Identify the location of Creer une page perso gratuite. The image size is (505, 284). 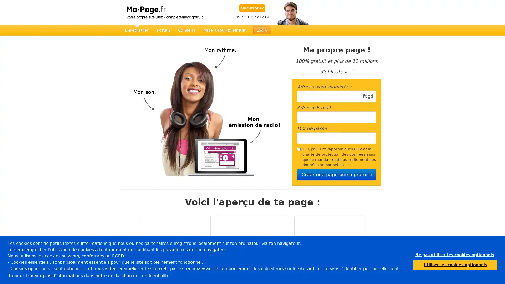
(337, 174).